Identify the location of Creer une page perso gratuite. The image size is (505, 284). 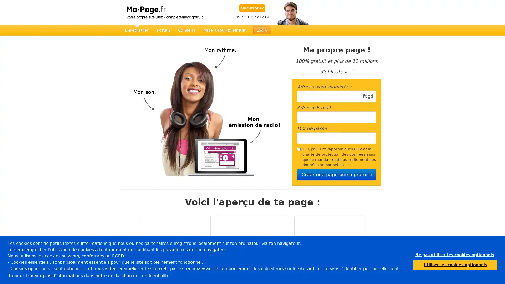
(337, 174).